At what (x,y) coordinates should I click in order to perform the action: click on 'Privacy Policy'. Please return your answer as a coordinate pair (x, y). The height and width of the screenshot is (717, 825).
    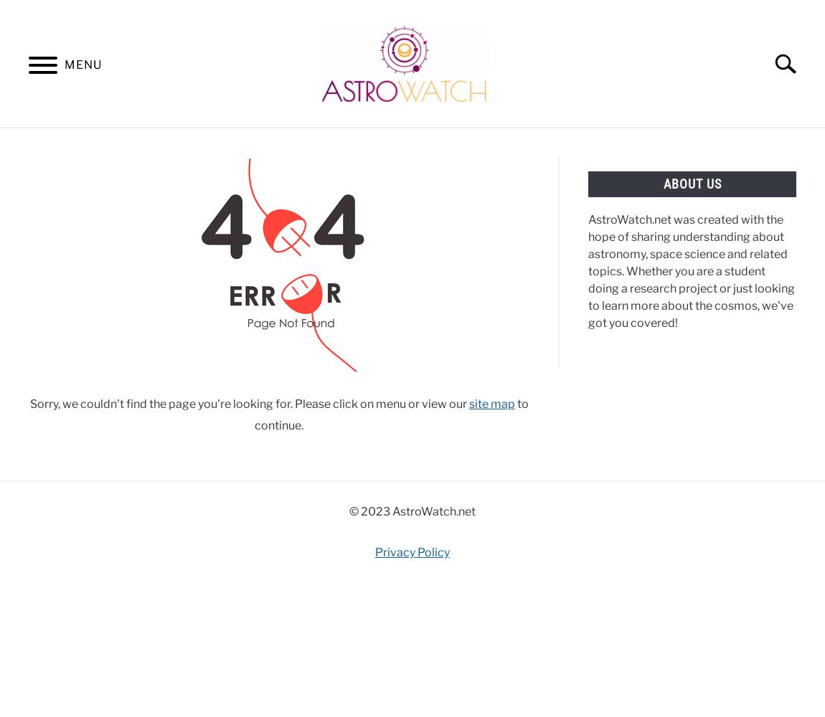
    Looking at the image, I should click on (412, 551).